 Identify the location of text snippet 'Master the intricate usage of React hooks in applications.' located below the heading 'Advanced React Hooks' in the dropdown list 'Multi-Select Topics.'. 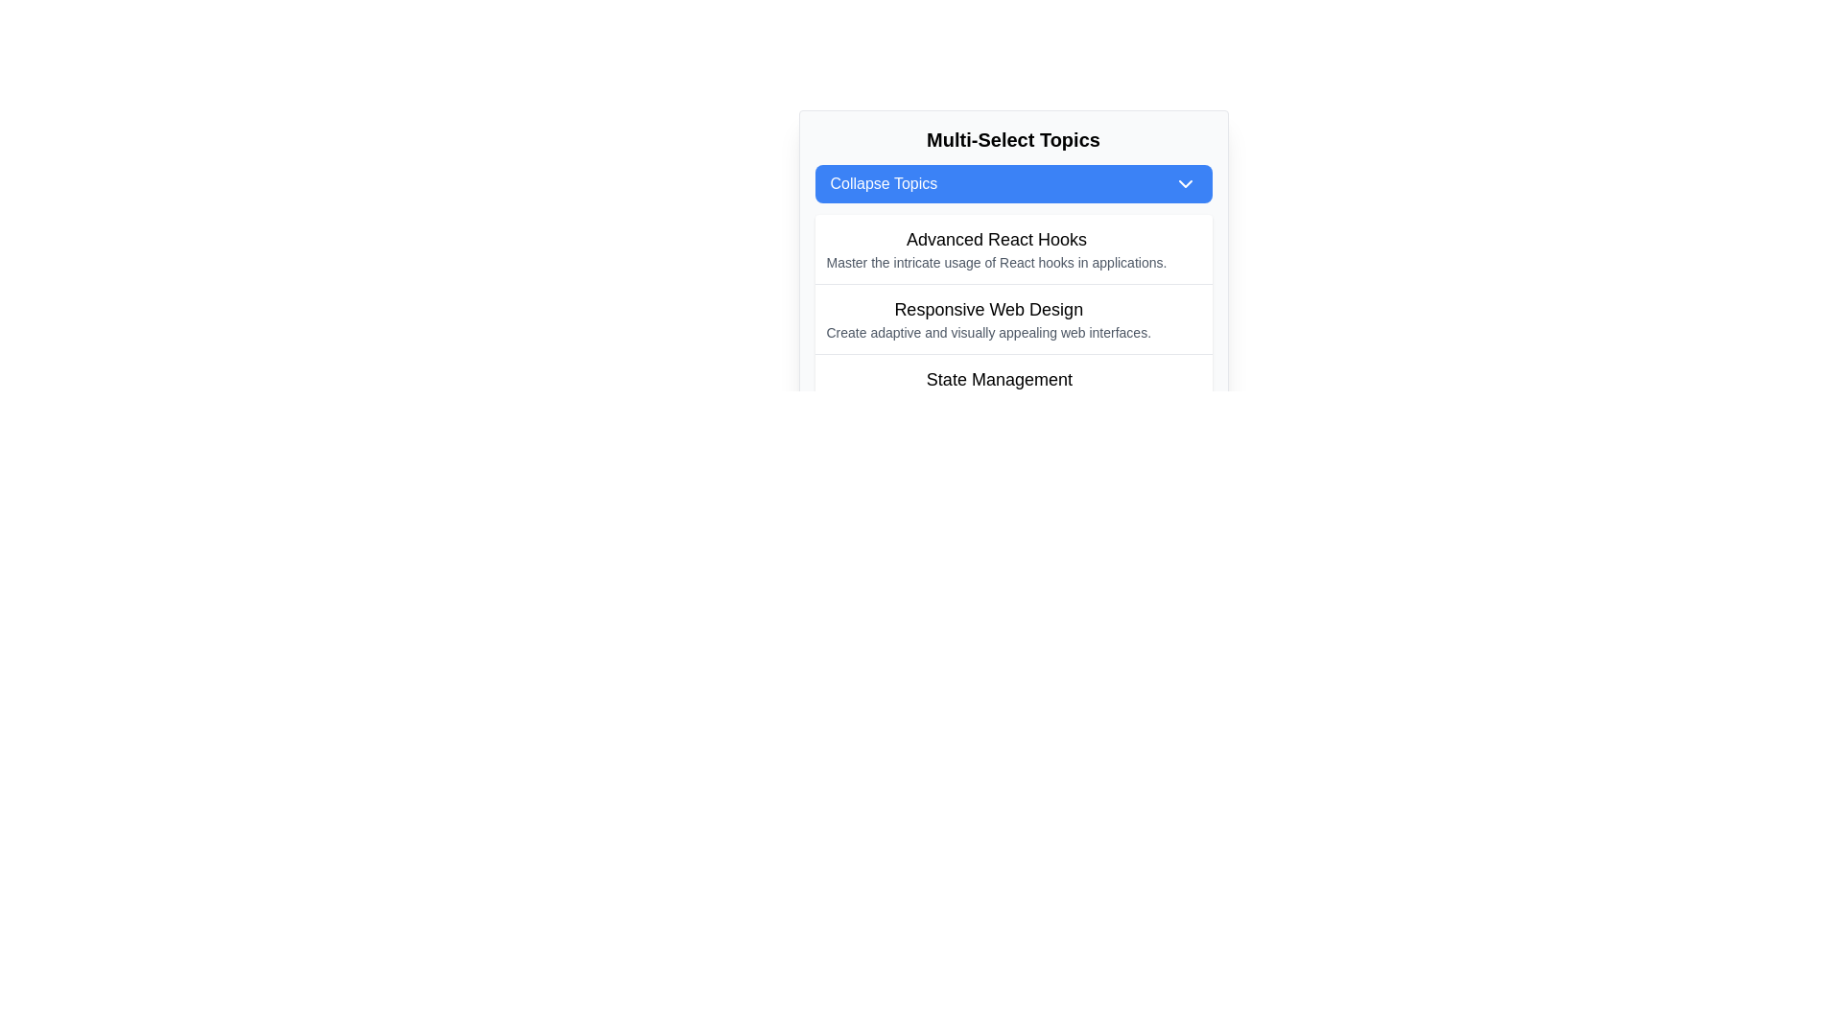
(996, 262).